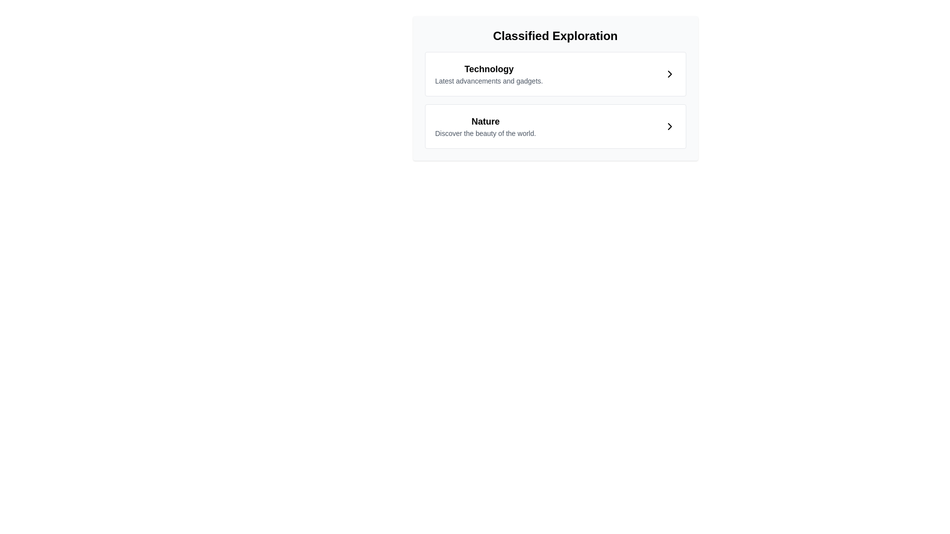  I want to click on text label titled 'Technology' which serves as a category title above the descriptive text 'Latest advancements and gadgets.', so click(489, 68).